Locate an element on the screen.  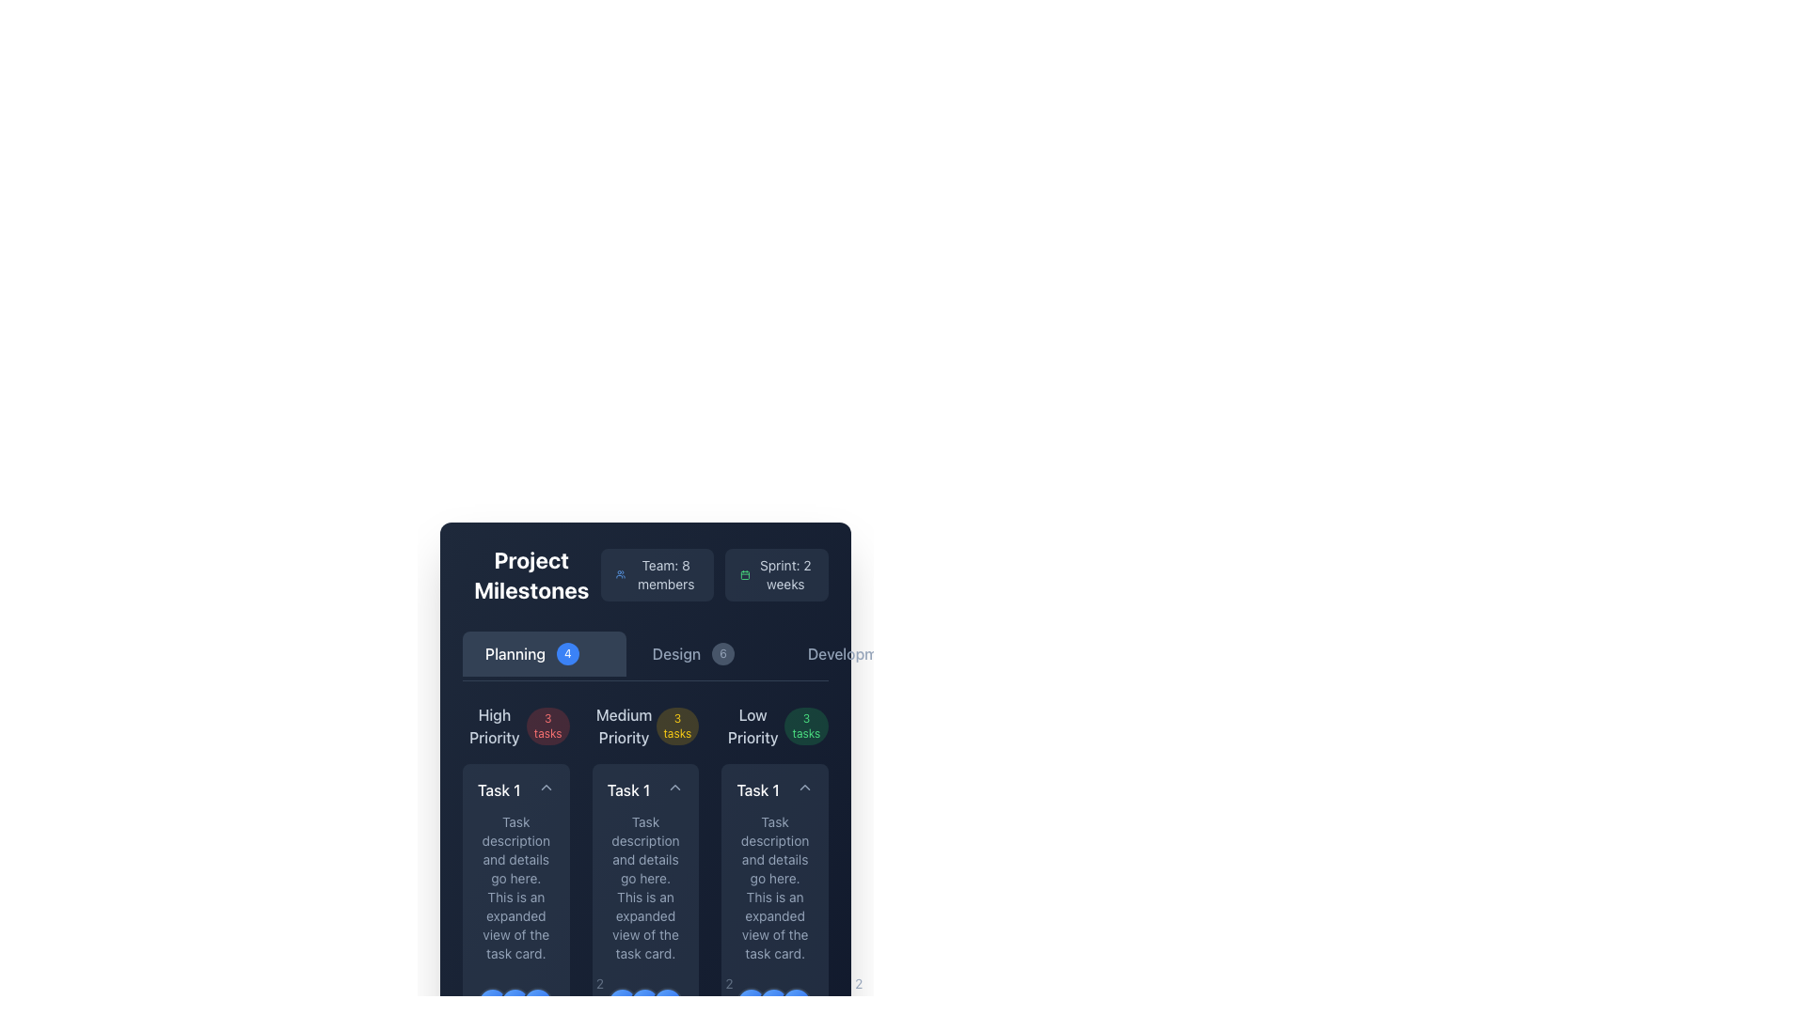
the task count label indicating the number of tasks classified under the 'Low Priority' category, located to the right of the 'Low Priority' label in the 'Project Milestones' section is located at coordinates (806, 725).